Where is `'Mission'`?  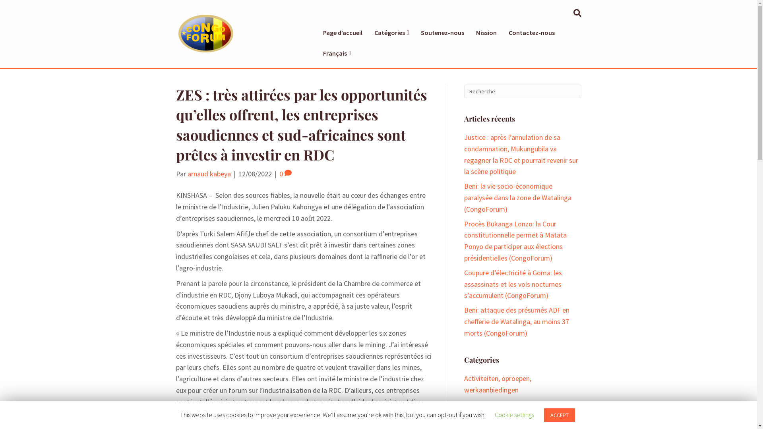
'Mission' is located at coordinates (486, 32).